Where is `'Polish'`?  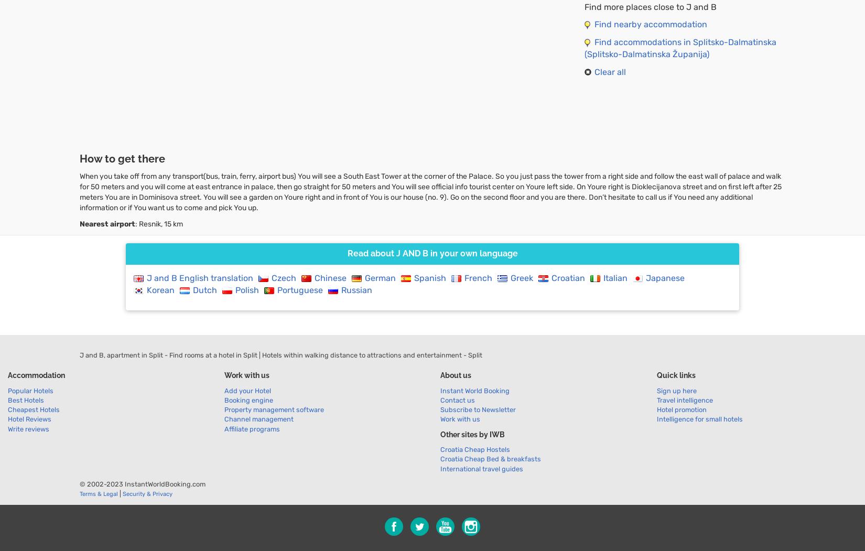 'Polish' is located at coordinates (246, 289).